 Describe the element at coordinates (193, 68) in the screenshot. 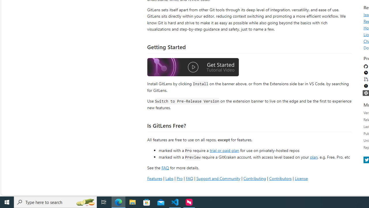

I see `'Watch the GitLens Getting Started video'` at that location.